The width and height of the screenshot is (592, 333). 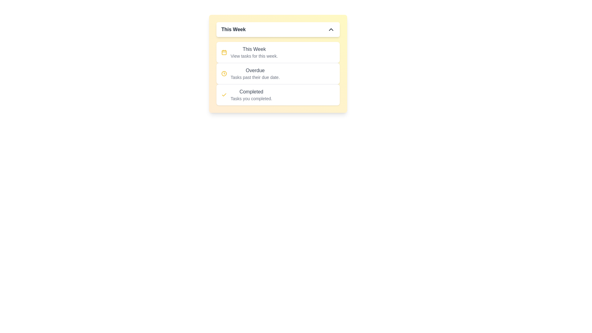 What do you see at coordinates (254, 49) in the screenshot?
I see `the task category This Week to view its description` at bounding box center [254, 49].